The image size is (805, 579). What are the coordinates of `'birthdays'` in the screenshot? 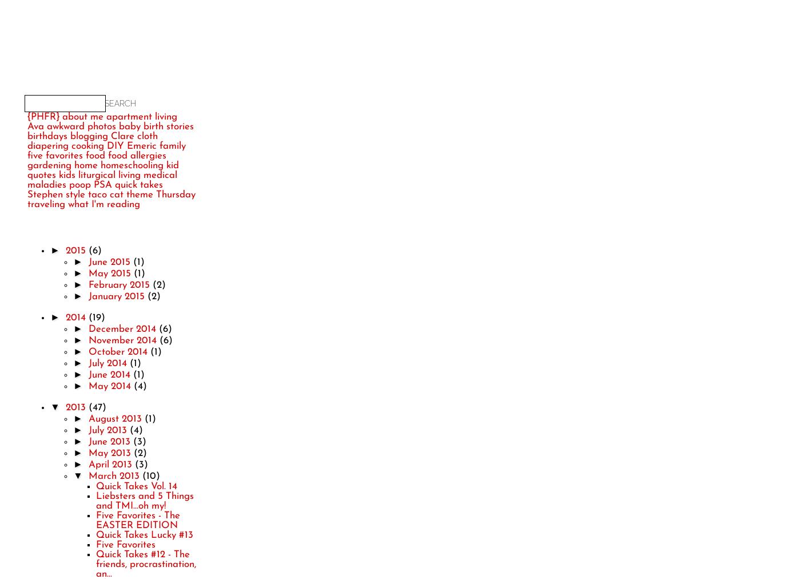 It's located at (27, 136).